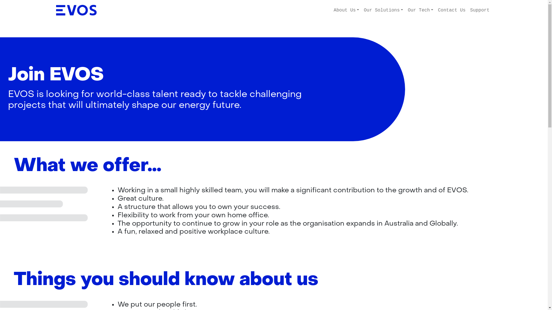  I want to click on 'Support', so click(480, 10).